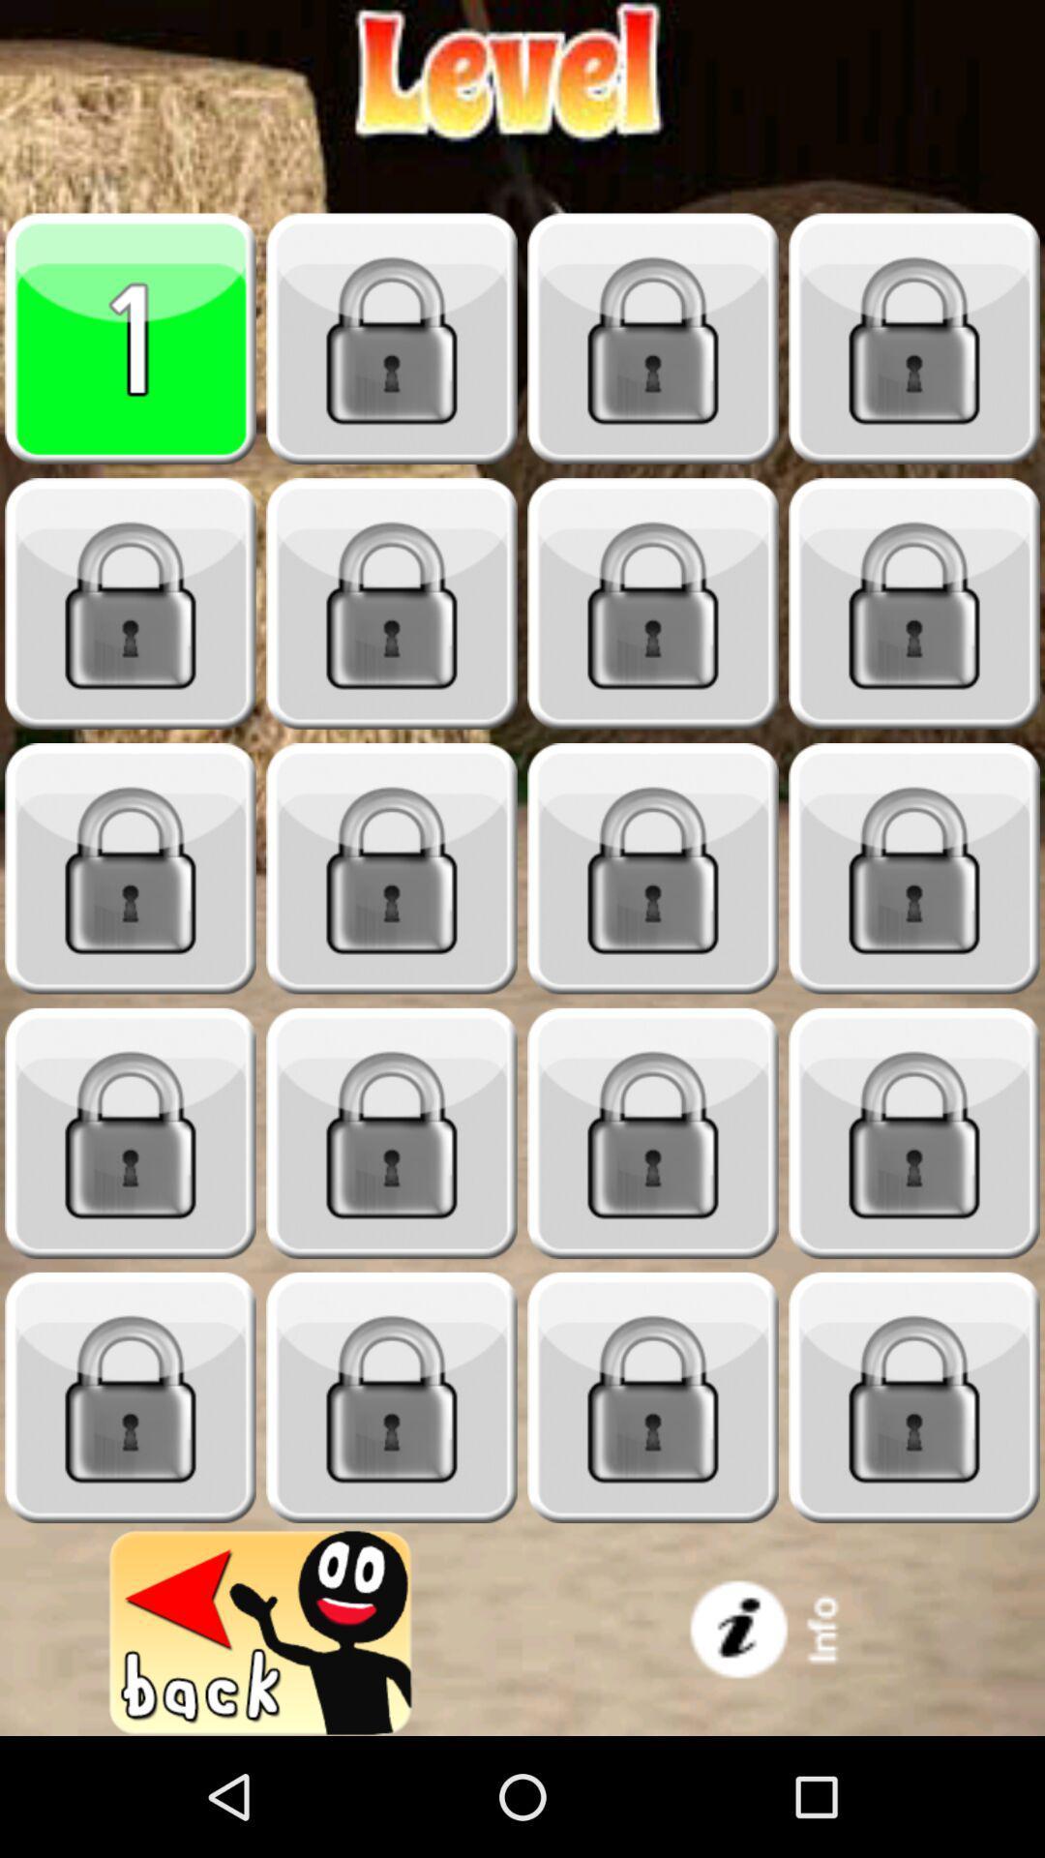 The height and width of the screenshot is (1858, 1045). I want to click on long button, so click(914, 1397).